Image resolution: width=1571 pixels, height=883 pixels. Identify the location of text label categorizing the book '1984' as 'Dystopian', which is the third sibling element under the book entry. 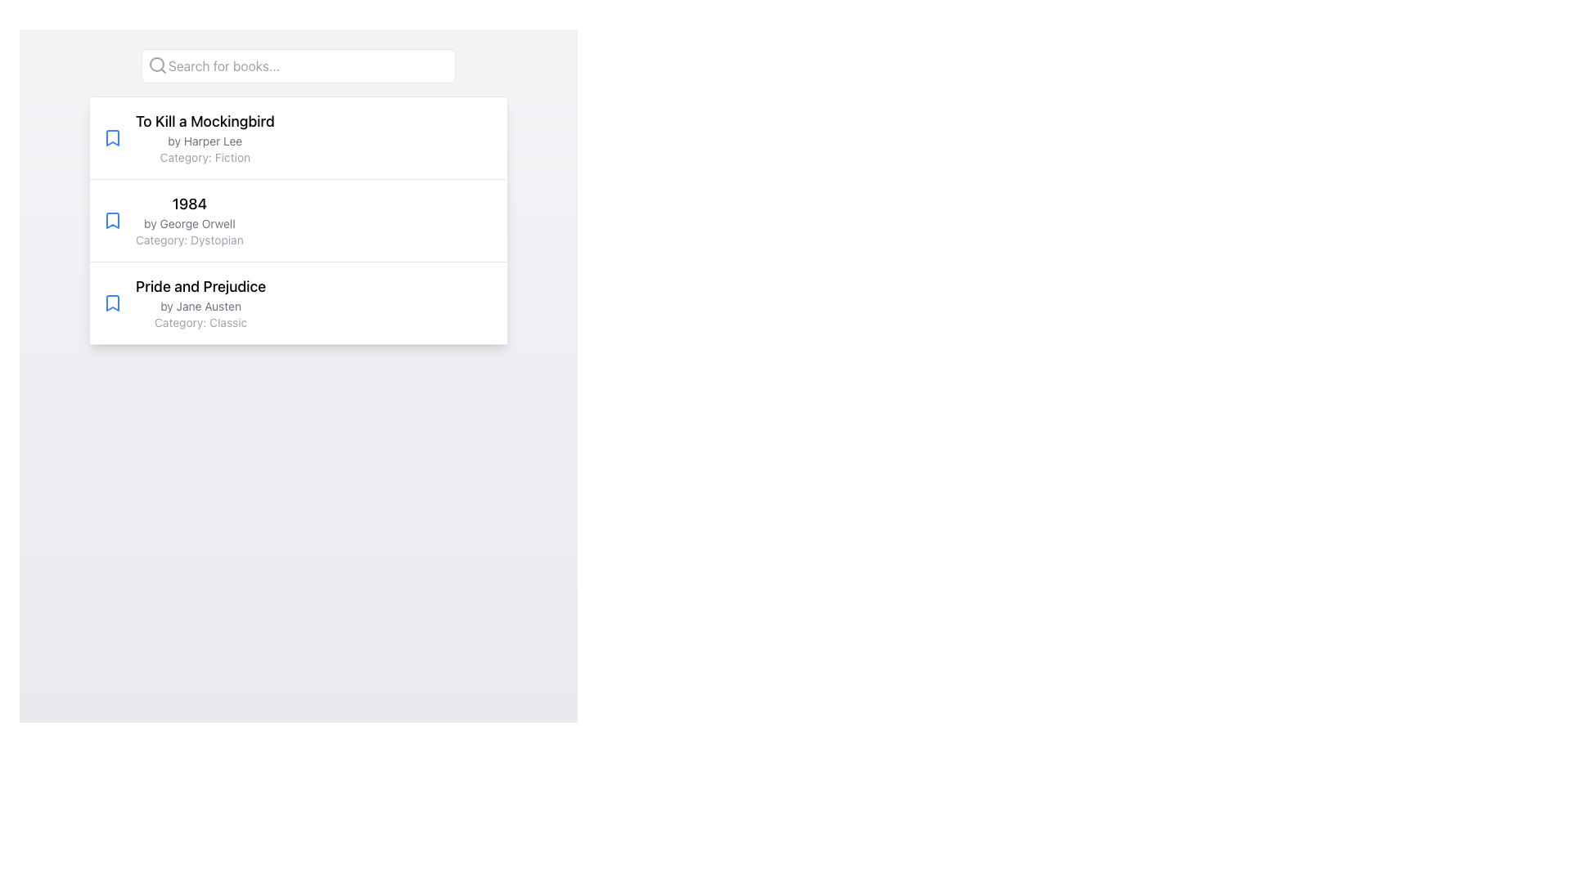
(189, 240).